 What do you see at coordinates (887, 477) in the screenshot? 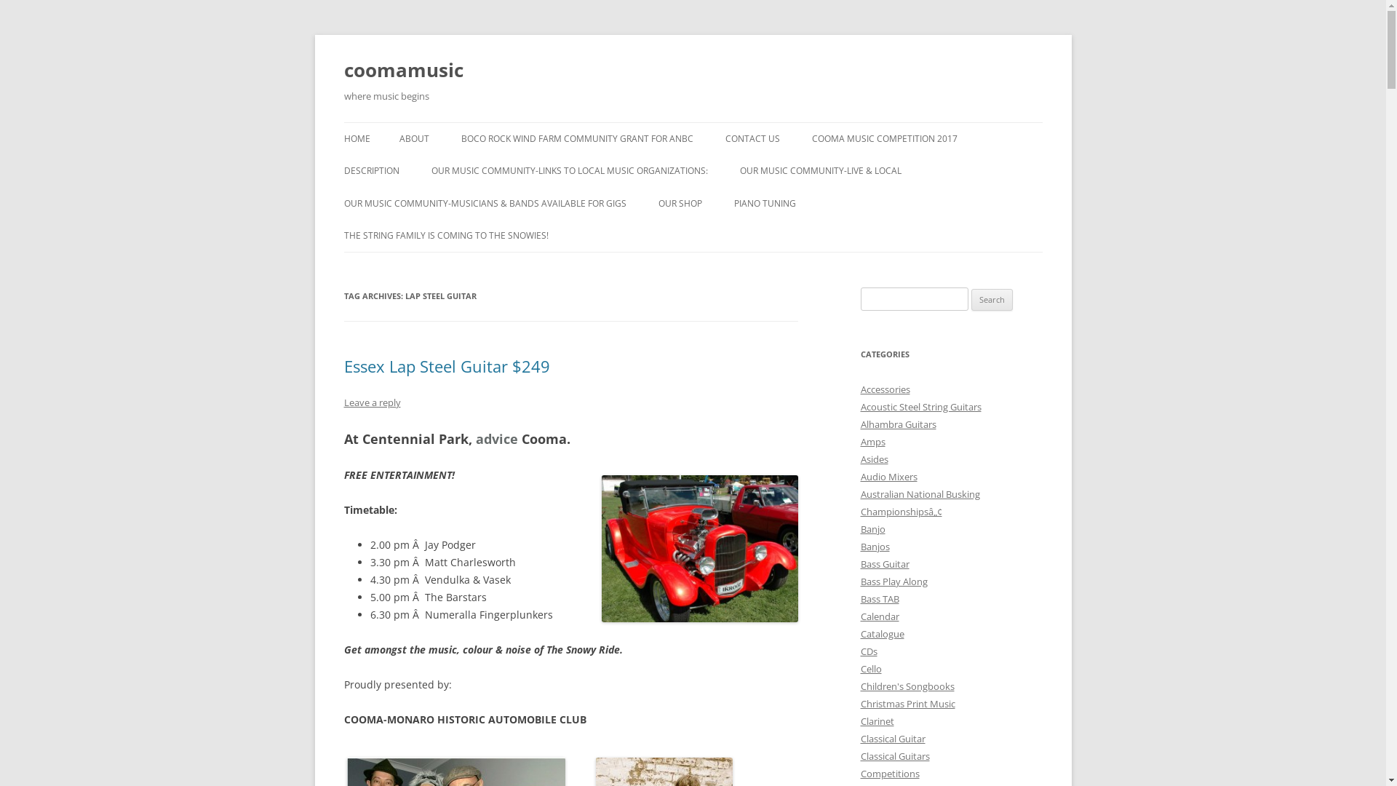
I see `'Audio Mixers'` at bounding box center [887, 477].